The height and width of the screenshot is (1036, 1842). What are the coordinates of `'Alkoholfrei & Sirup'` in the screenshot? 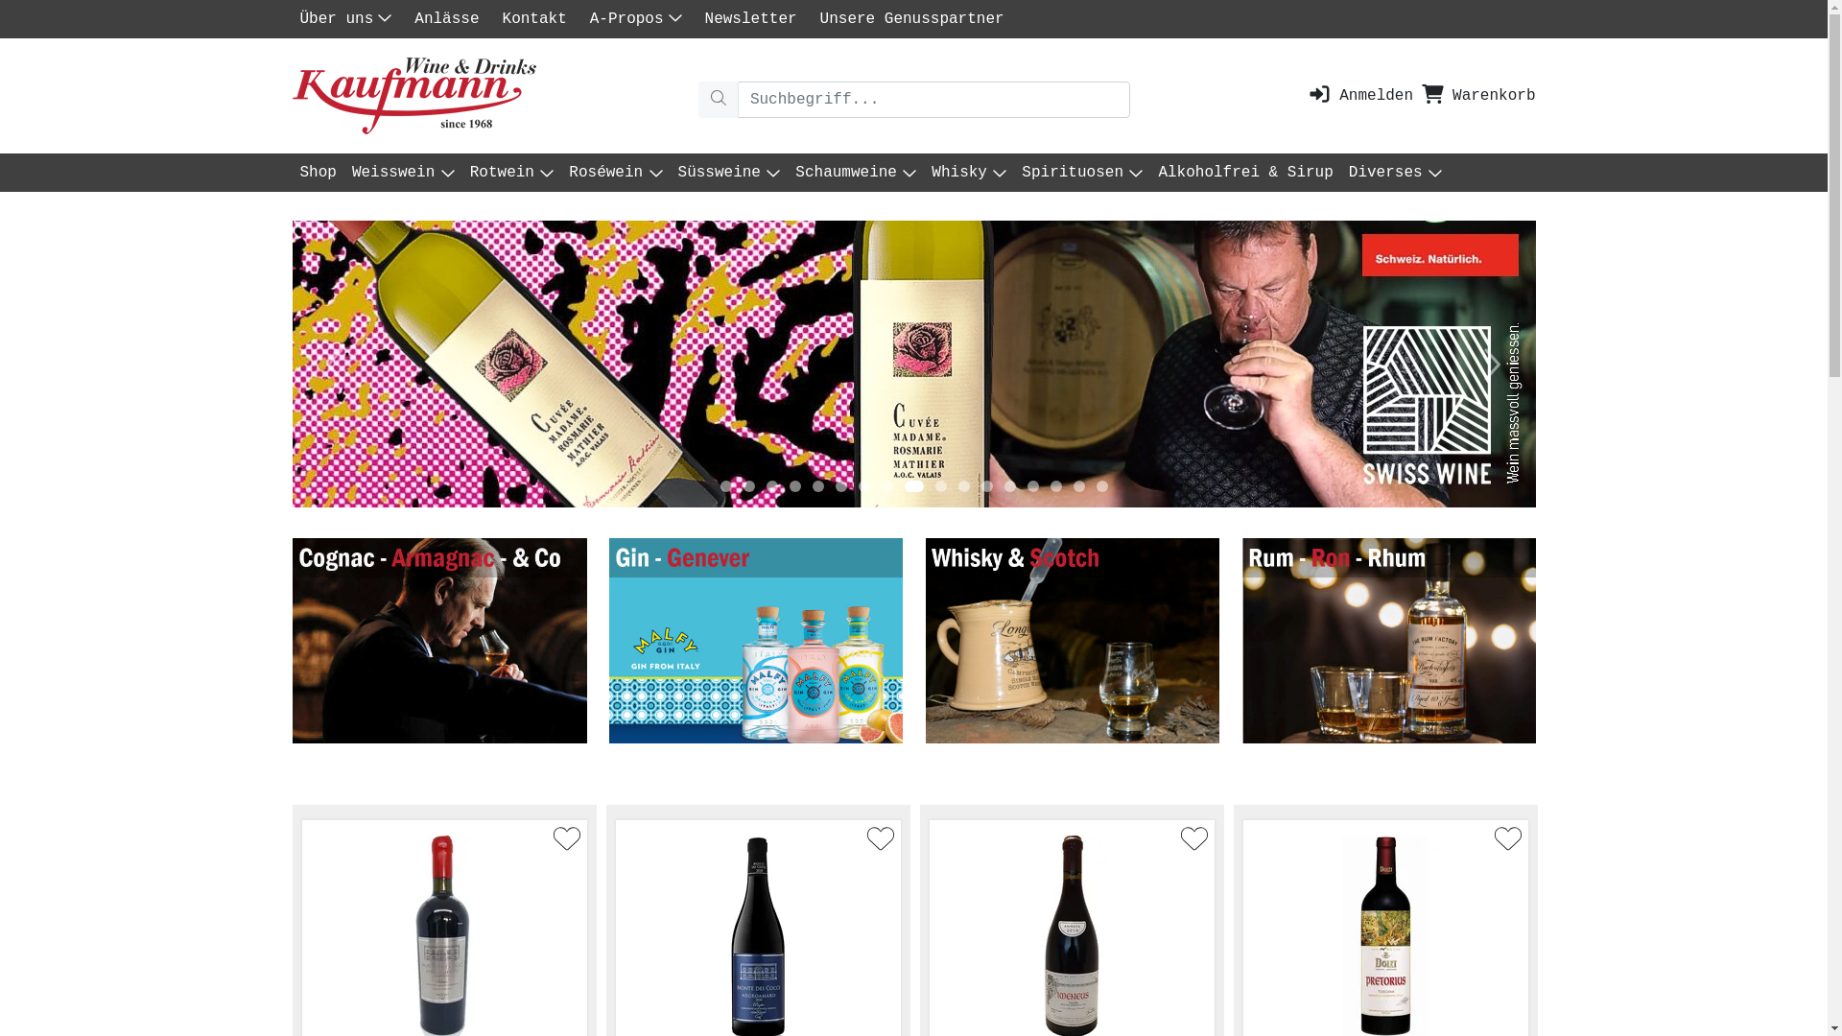 It's located at (1244, 173).